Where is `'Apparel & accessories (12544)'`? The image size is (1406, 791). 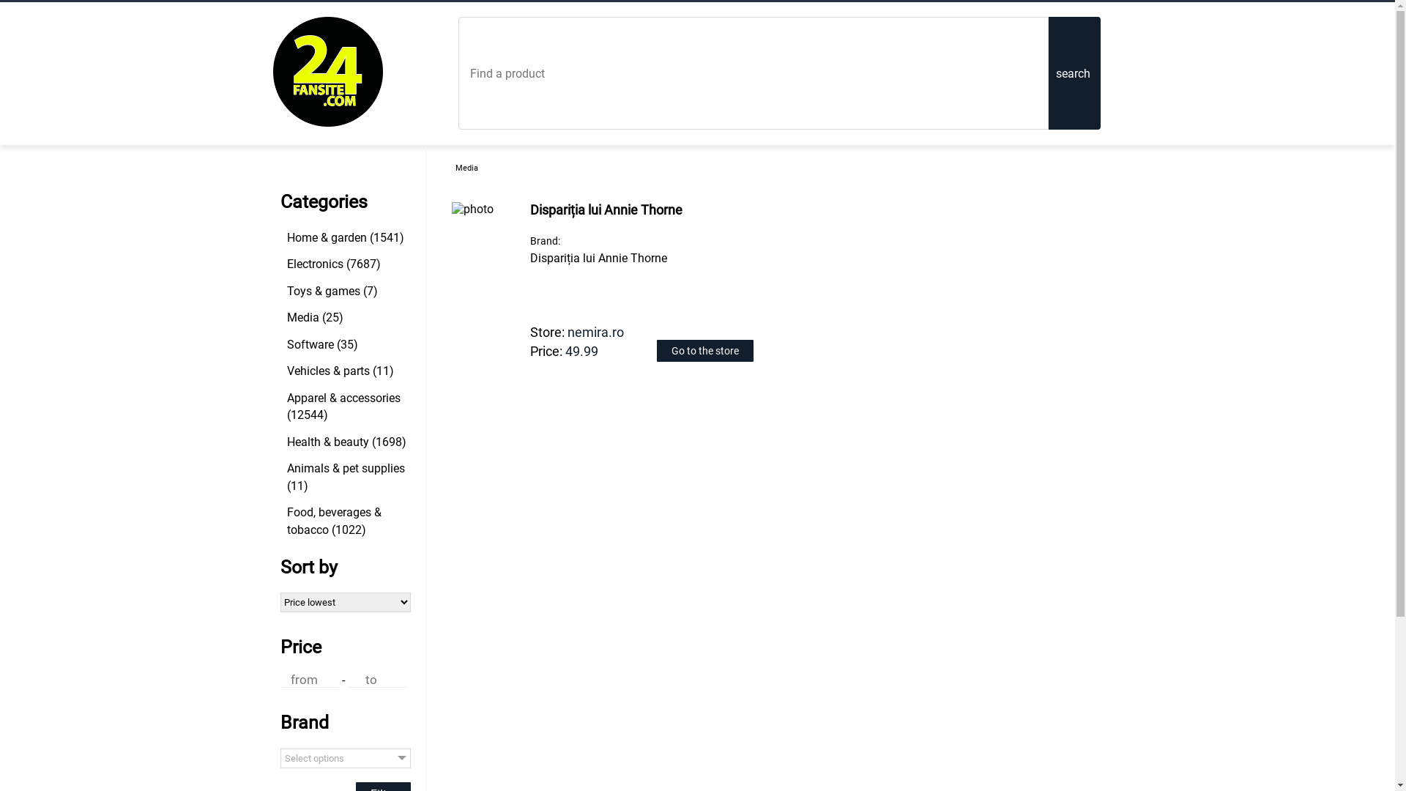 'Apparel & accessories (12544)' is located at coordinates (346, 406).